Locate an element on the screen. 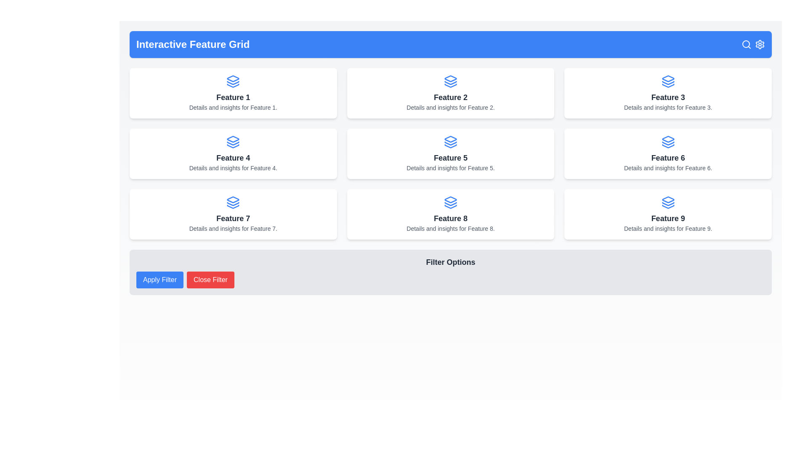 The image size is (808, 454). the magnifying glass icon button located at the top-right corner of the interface within the blue horizontal header to initiate a search is located at coordinates (747, 44).